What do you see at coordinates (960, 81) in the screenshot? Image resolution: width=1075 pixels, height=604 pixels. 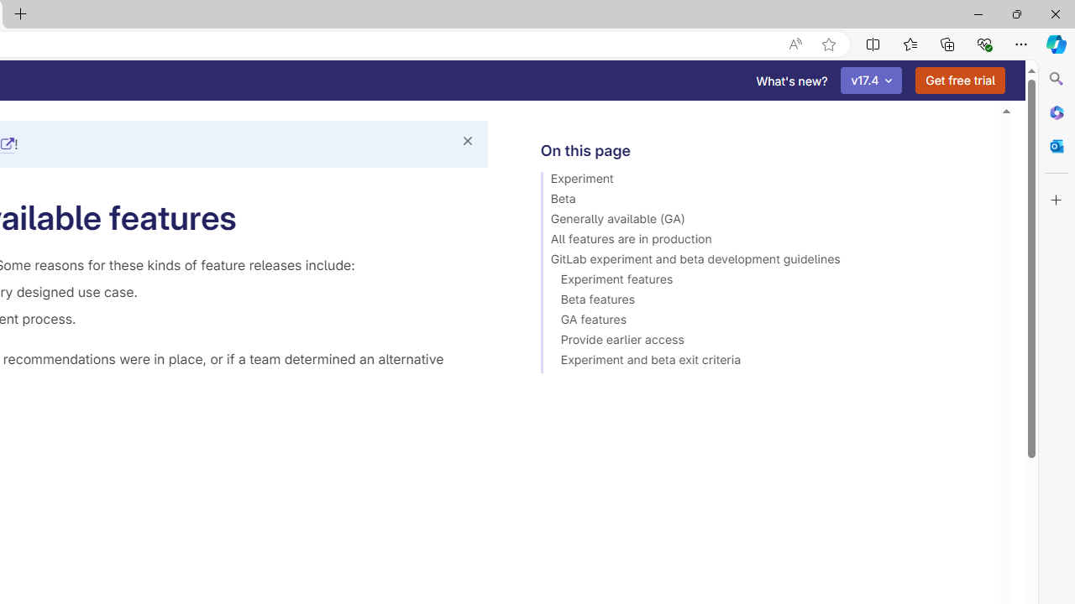 I see `'Get free trial'` at bounding box center [960, 81].